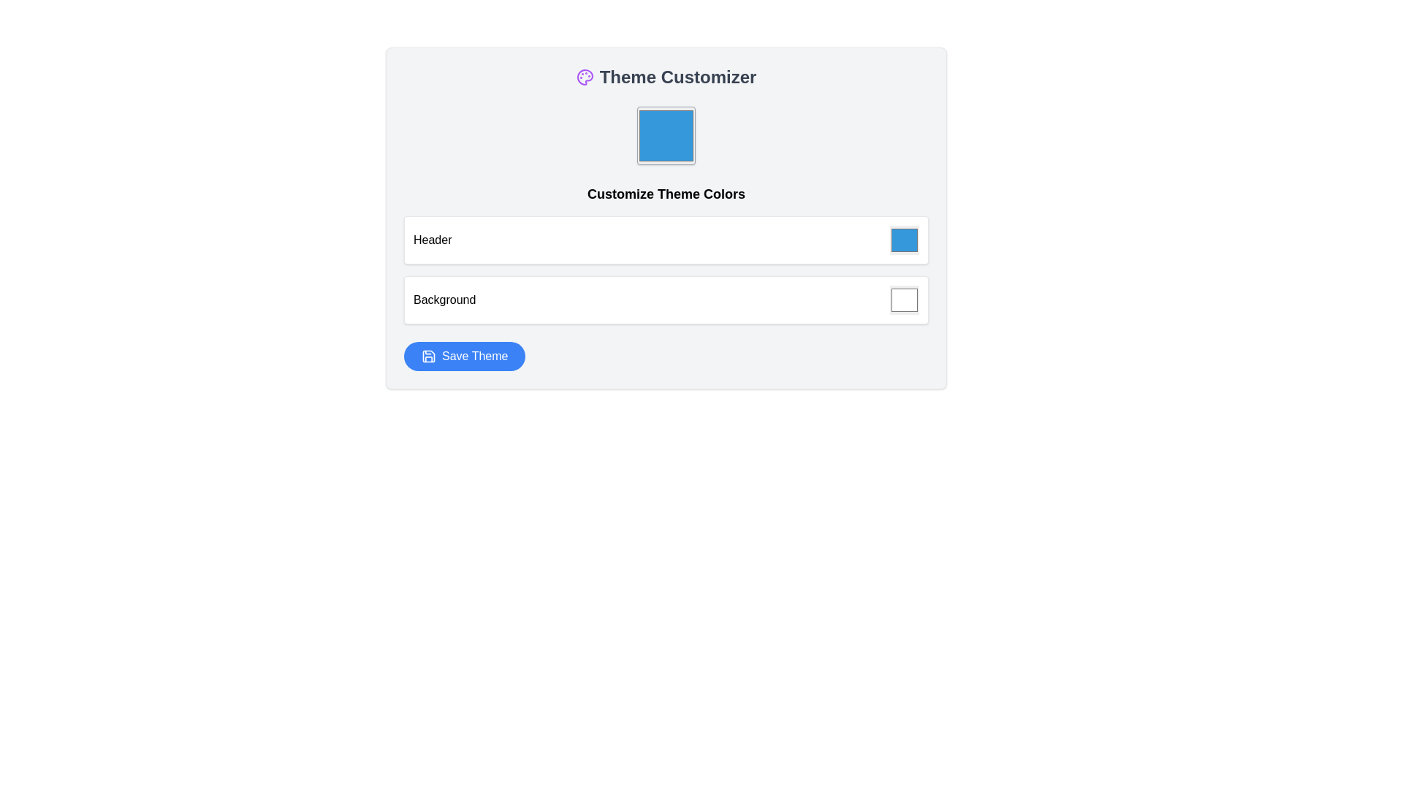  I want to click on the SVG painter's palette icon, which is styled in purple and located next to the 'Theme Customizer' text at the top of the page, so click(585, 77).